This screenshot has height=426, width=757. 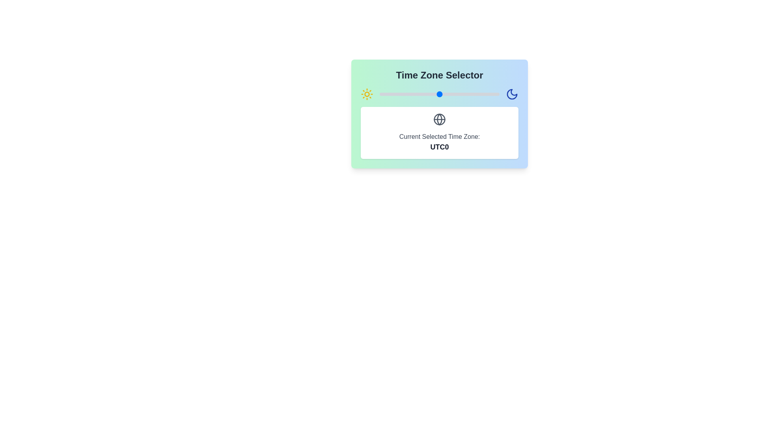 What do you see at coordinates (448, 94) in the screenshot?
I see `the time zone offset` at bounding box center [448, 94].